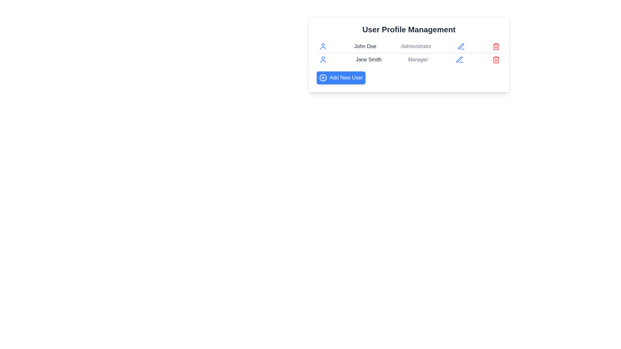 This screenshot has height=349, width=621. I want to click on the text 'John Doe' from the Static text label located under the 'User Profile Management' section in the first row of user entries, so click(365, 46).